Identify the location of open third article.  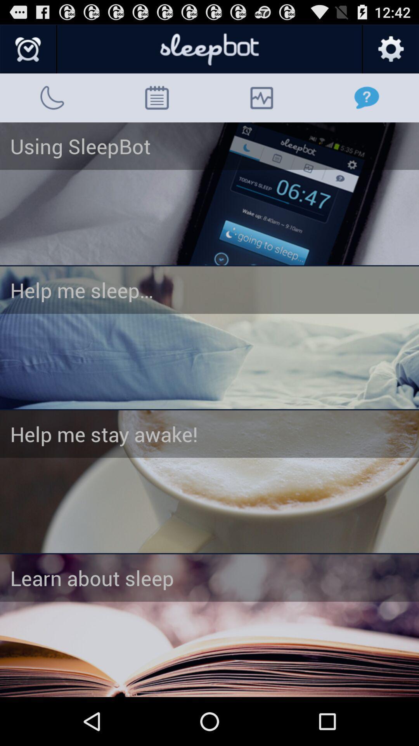
(209, 481).